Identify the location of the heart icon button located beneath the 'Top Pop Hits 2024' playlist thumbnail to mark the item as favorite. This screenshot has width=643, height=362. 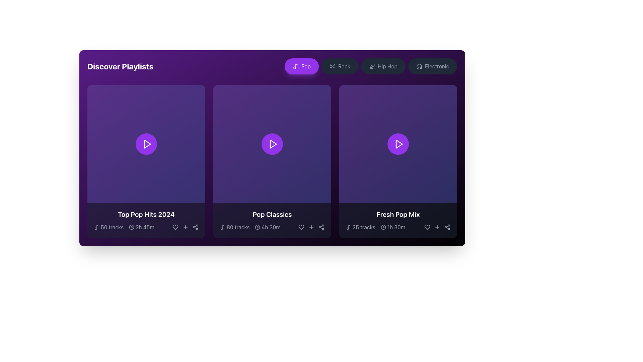
(175, 227).